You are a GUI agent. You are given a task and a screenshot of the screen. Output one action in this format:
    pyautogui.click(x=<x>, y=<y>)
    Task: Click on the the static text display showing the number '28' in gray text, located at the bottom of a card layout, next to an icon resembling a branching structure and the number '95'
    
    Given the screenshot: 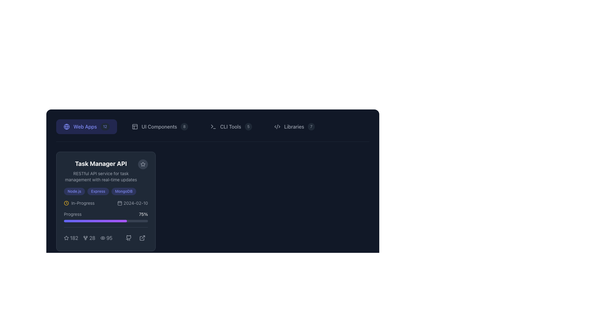 What is the action you would take?
    pyautogui.click(x=92, y=237)
    